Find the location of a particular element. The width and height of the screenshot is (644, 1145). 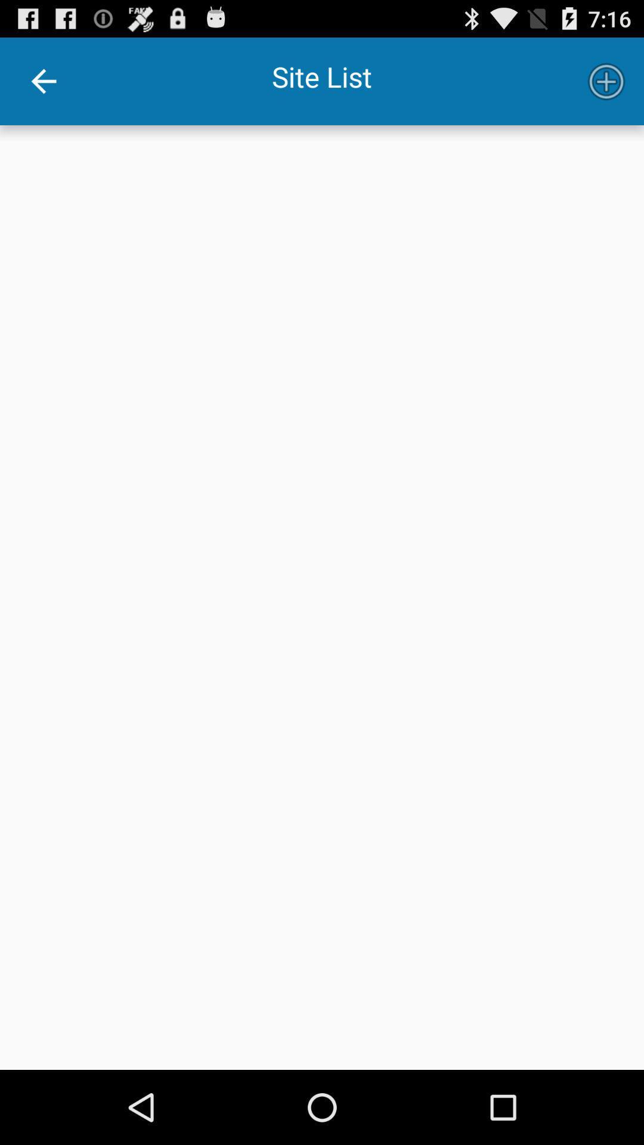

the item next to site list is located at coordinates (43, 81).